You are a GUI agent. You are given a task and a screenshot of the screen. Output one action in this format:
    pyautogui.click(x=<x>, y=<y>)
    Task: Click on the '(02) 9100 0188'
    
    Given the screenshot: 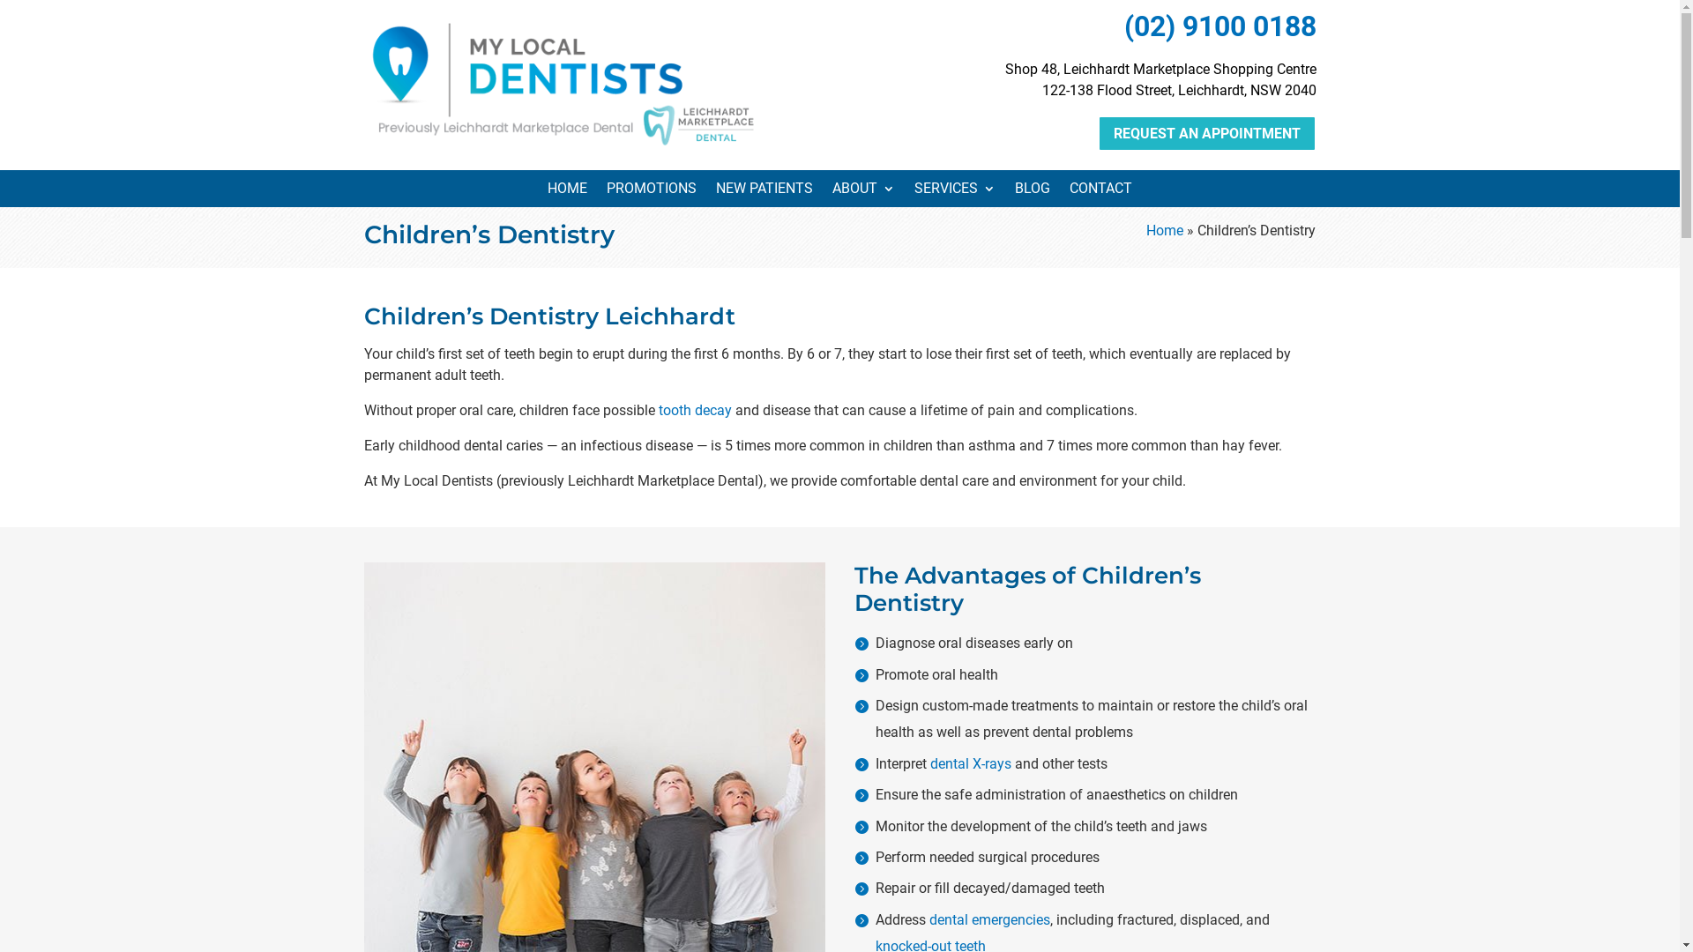 What is the action you would take?
    pyautogui.click(x=1122, y=26)
    